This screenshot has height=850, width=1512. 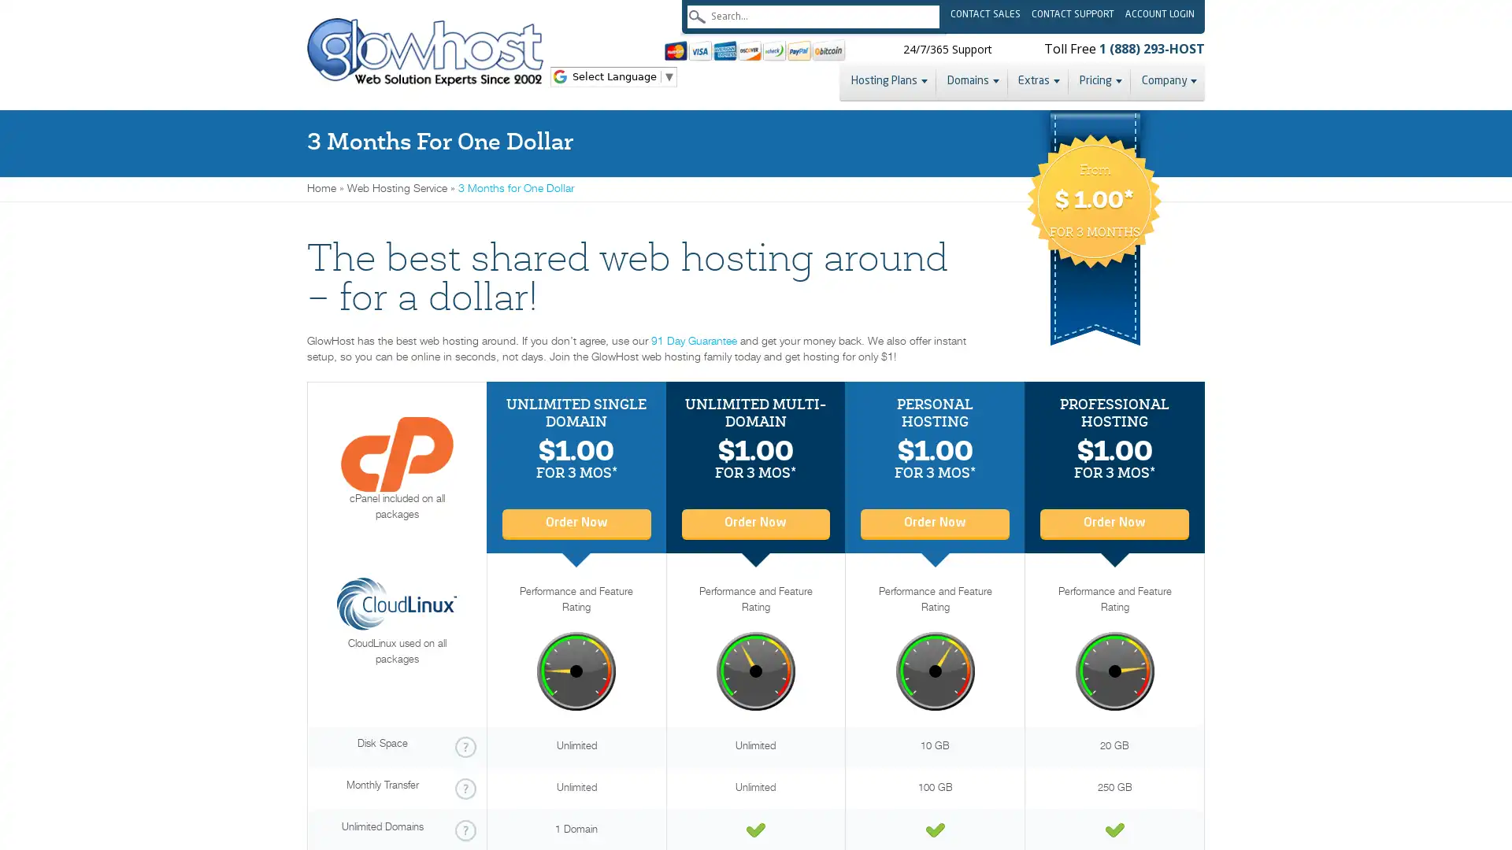 I want to click on Order Now, so click(x=1114, y=522).